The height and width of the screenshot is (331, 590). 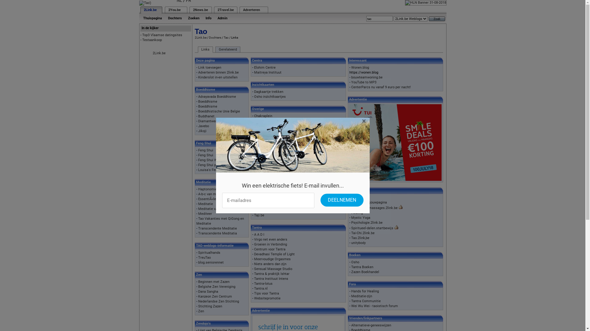 What do you see at coordinates (258, 210) in the screenshot?
I see `'Tai Ji'` at bounding box center [258, 210].